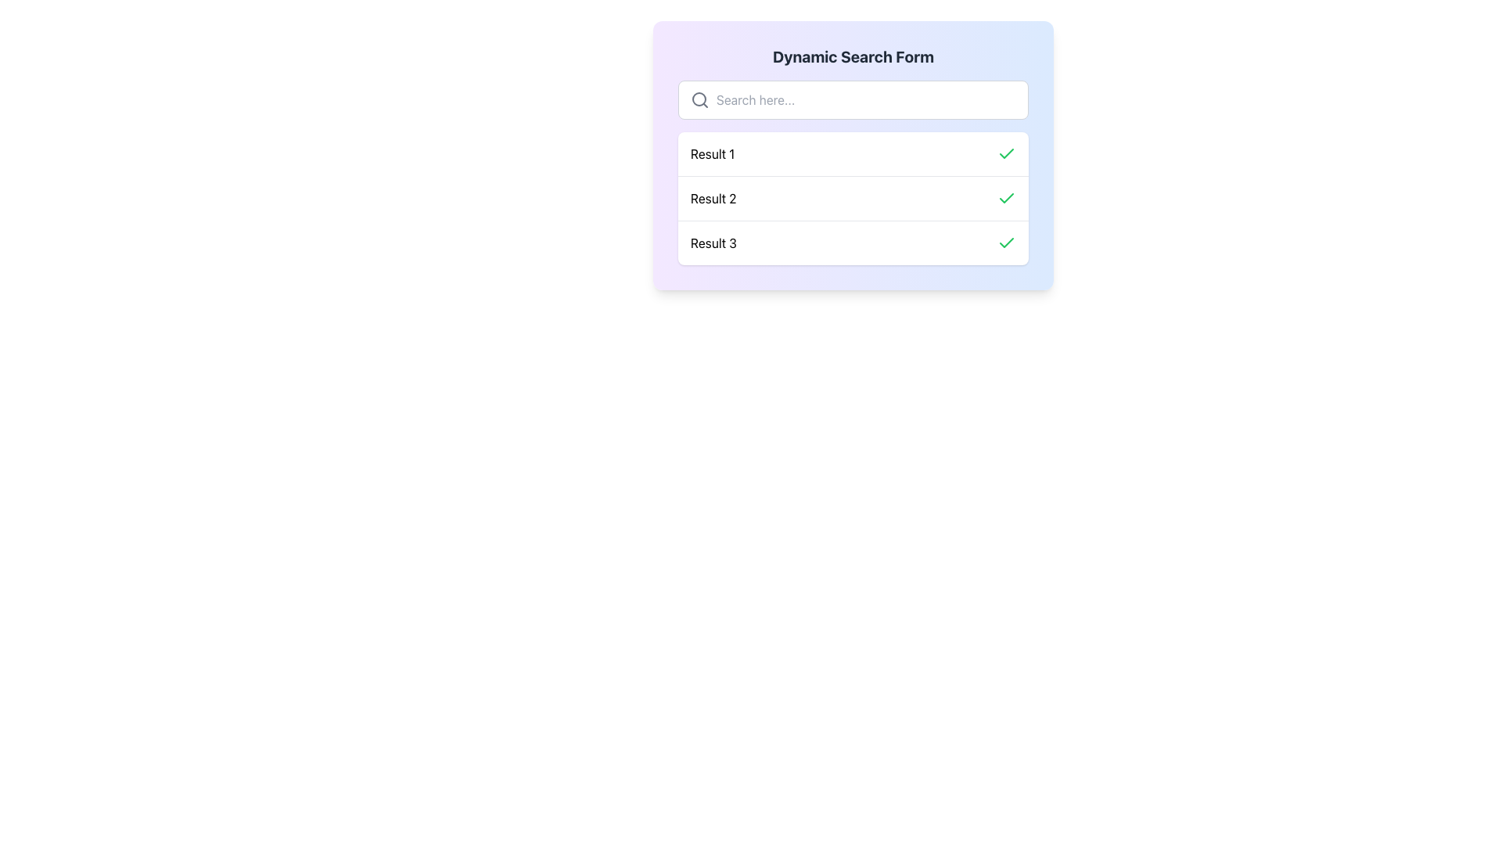 The height and width of the screenshot is (845, 1502). I want to click on the 'Result 2' text label, which is the second item in a vertically stacked list of result labels, so click(713, 198).